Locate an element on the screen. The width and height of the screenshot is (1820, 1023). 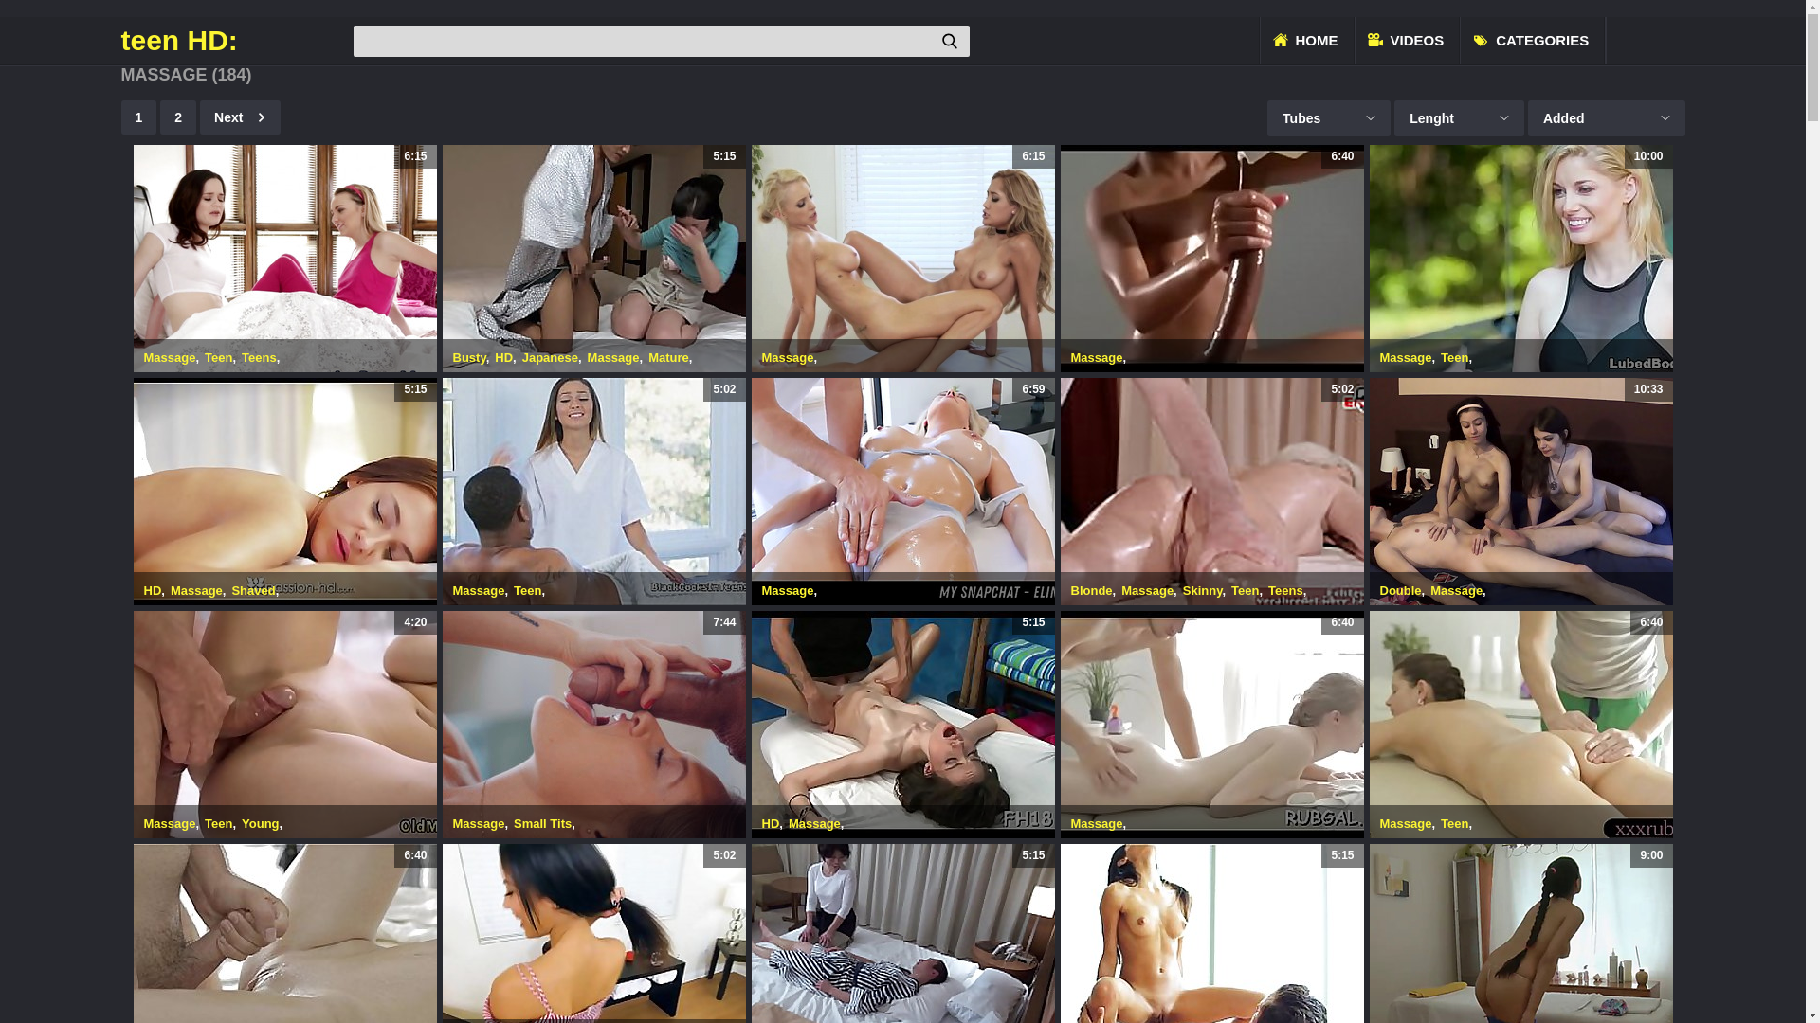
'HOME' is located at coordinates (1259, 40).